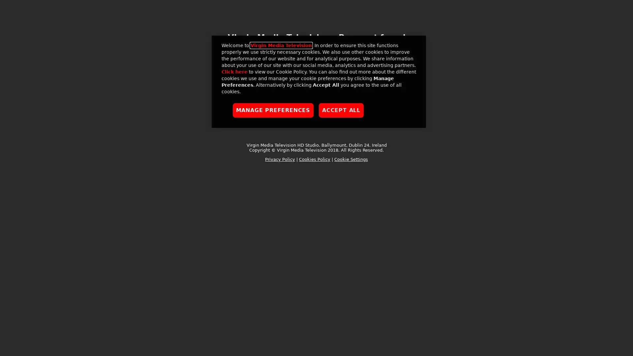 This screenshot has height=356, width=633. What do you see at coordinates (341, 110) in the screenshot?
I see `ACCEPT ALL` at bounding box center [341, 110].